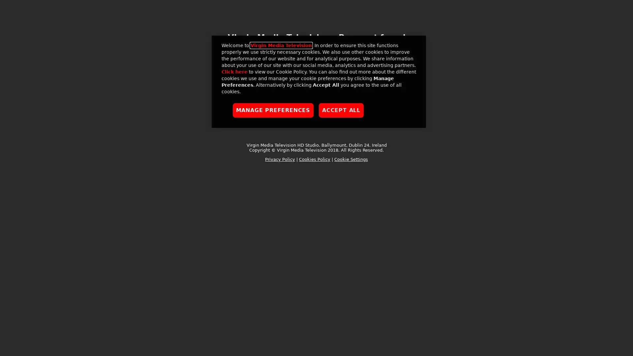 This screenshot has height=356, width=633. What do you see at coordinates (341, 110) in the screenshot?
I see `ACCEPT ALL` at bounding box center [341, 110].